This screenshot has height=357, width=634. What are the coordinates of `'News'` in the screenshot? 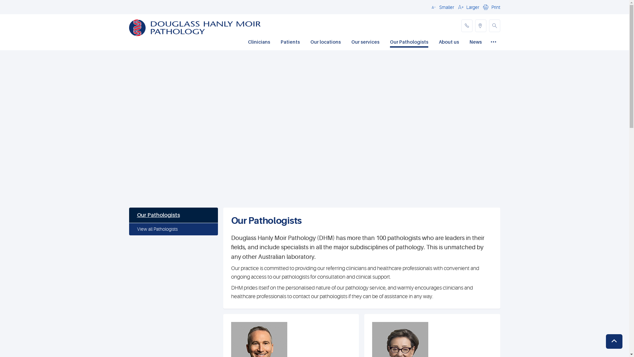 It's located at (475, 42).